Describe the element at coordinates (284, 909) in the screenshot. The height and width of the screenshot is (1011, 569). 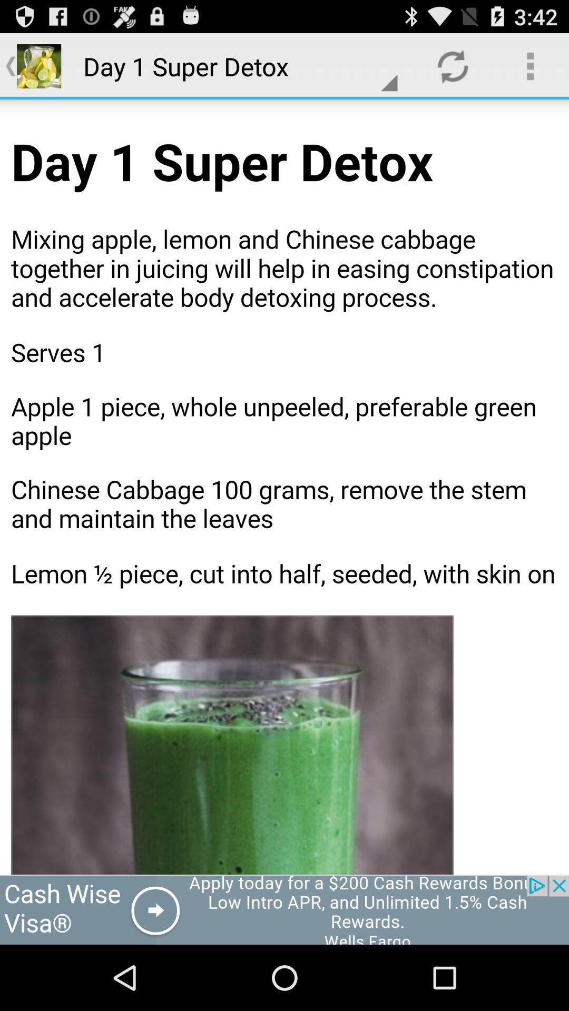
I see `open webpage of displayed advertisement` at that location.